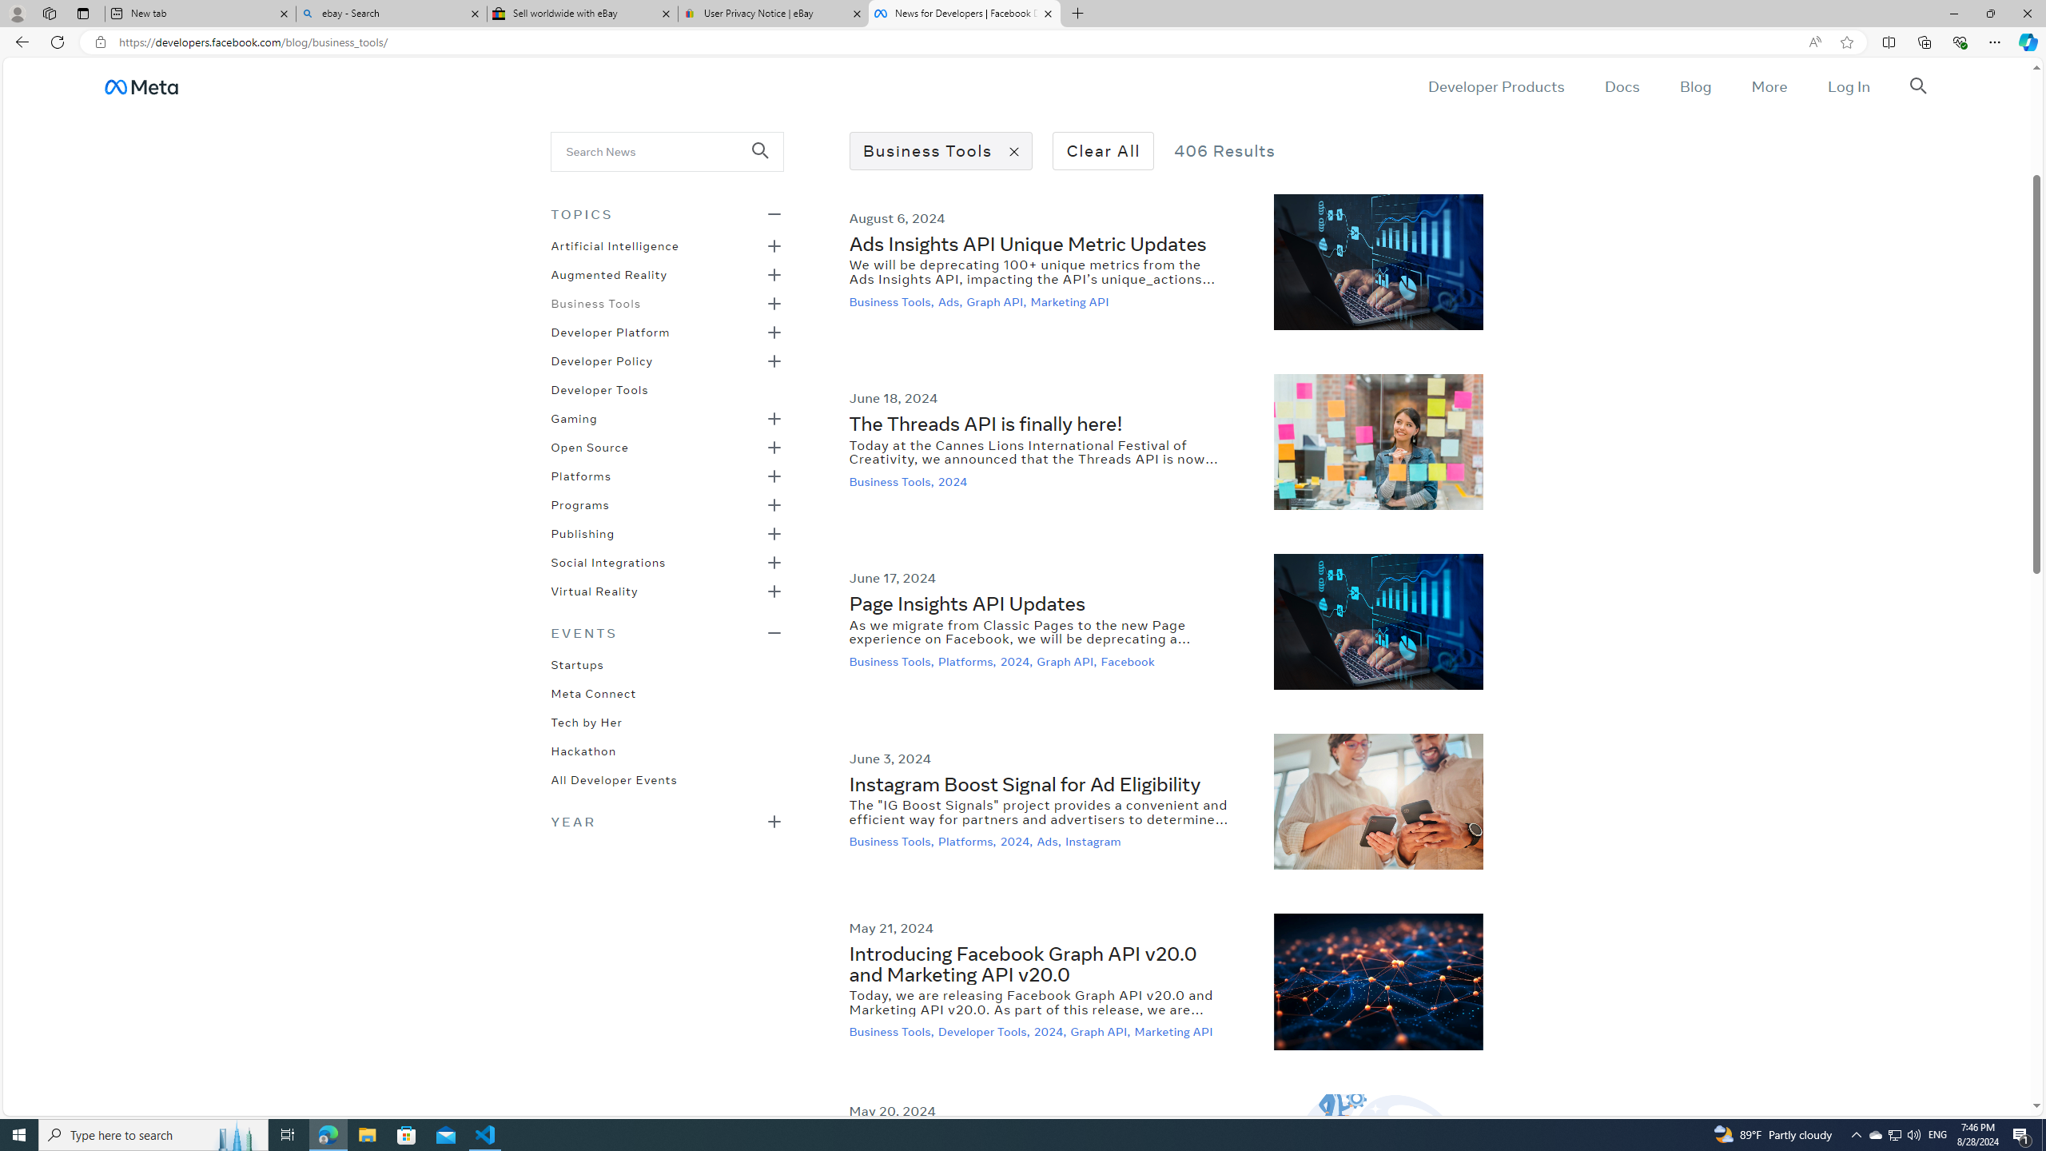  I want to click on 'Sell worldwide with eBay', so click(583, 13).